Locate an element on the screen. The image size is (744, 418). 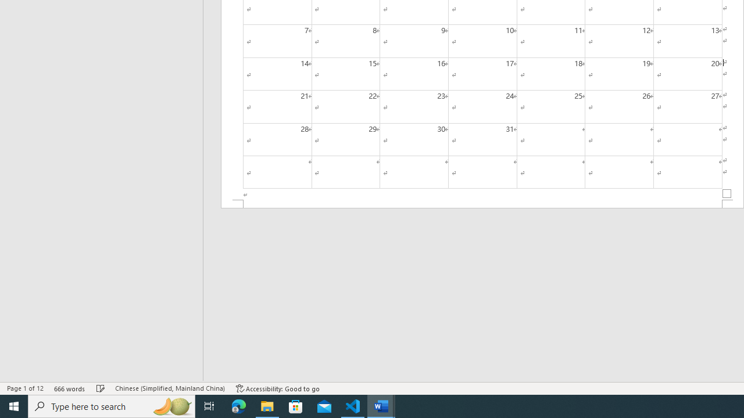
'Language Chinese (Simplified, Mainland China)' is located at coordinates (169, 388).